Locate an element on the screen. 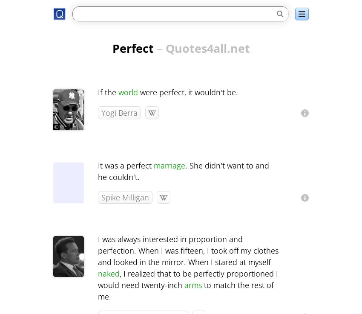 Image resolution: width=362 pixels, height=314 pixels. 'Yogi Berra' is located at coordinates (101, 113).